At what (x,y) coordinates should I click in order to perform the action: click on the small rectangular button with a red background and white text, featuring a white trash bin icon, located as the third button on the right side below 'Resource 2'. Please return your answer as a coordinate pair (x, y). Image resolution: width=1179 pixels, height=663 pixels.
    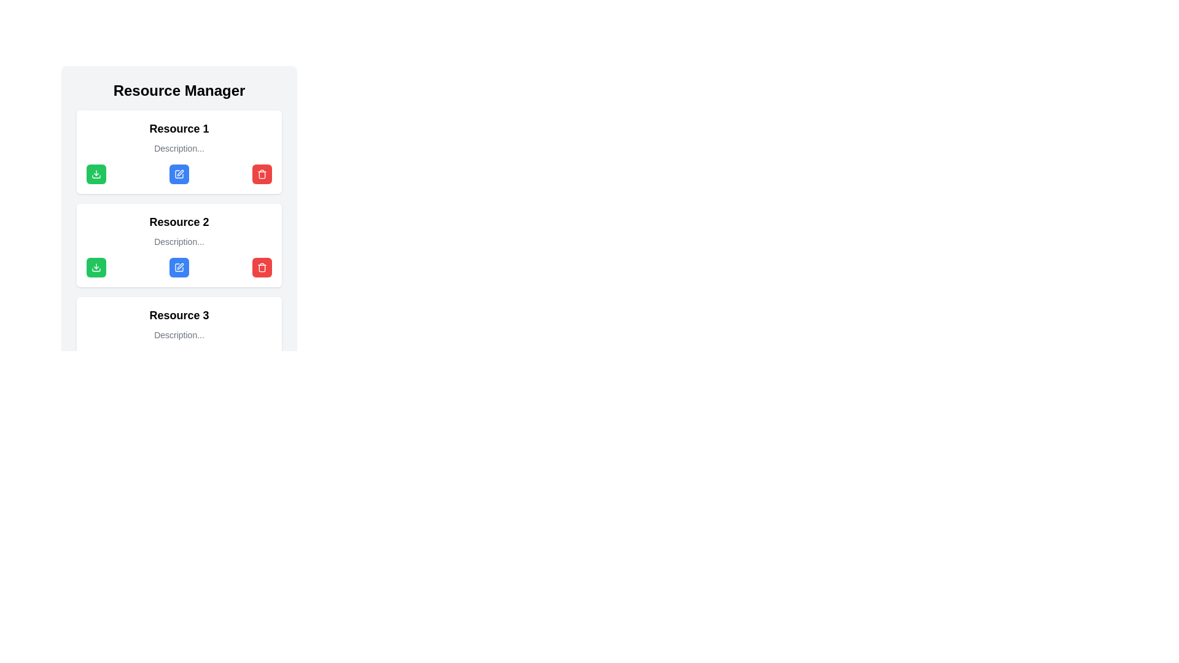
    Looking at the image, I should click on (262, 266).